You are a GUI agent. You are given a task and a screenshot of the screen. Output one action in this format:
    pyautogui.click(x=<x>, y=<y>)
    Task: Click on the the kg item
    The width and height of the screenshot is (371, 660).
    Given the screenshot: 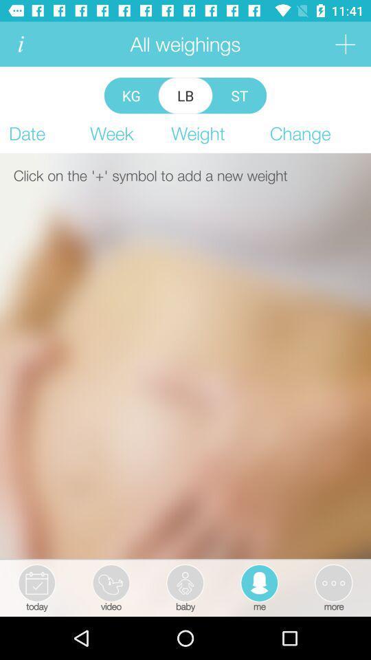 What is the action you would take?
    pyautogui.click(x=131, y=95)
    